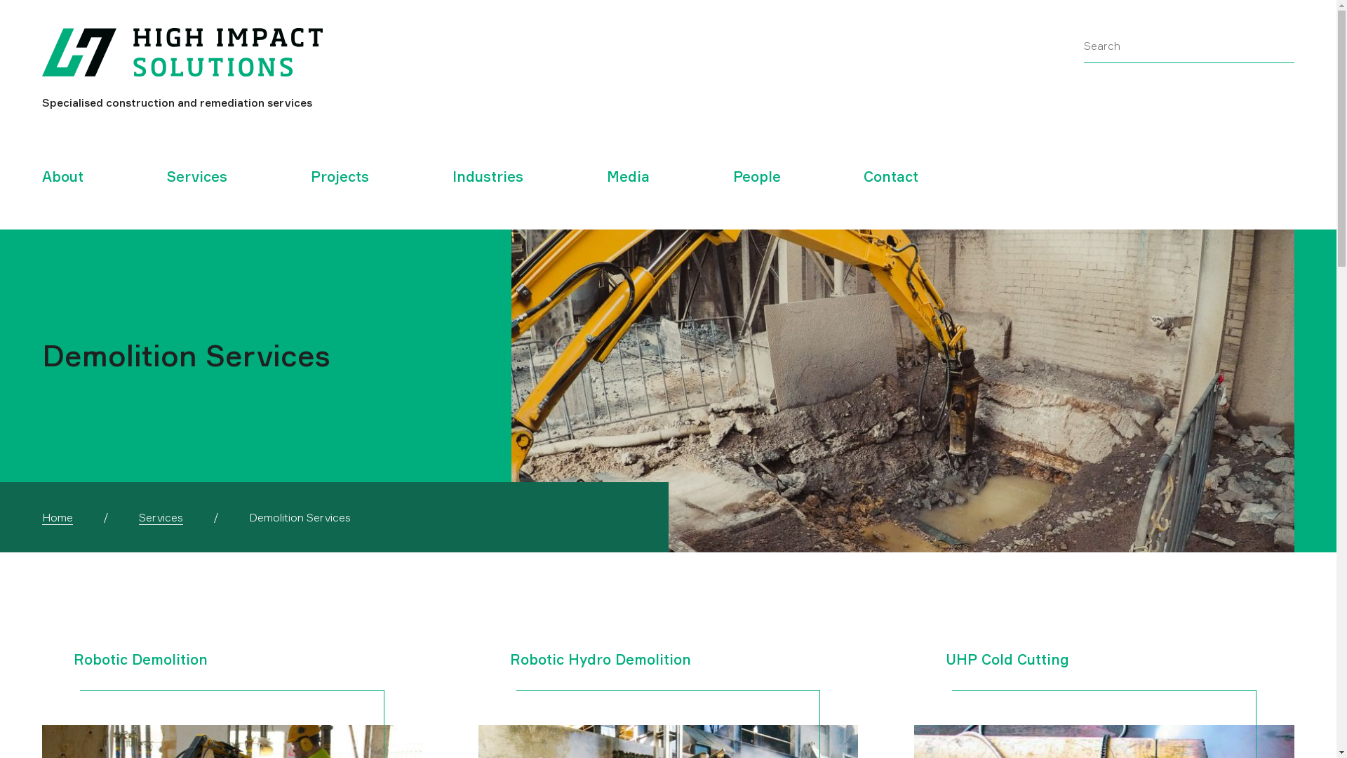  What do you see at coordinates (890, 175) in the screenshot?
I see `'Contact'` at bounding box center [890, 175].